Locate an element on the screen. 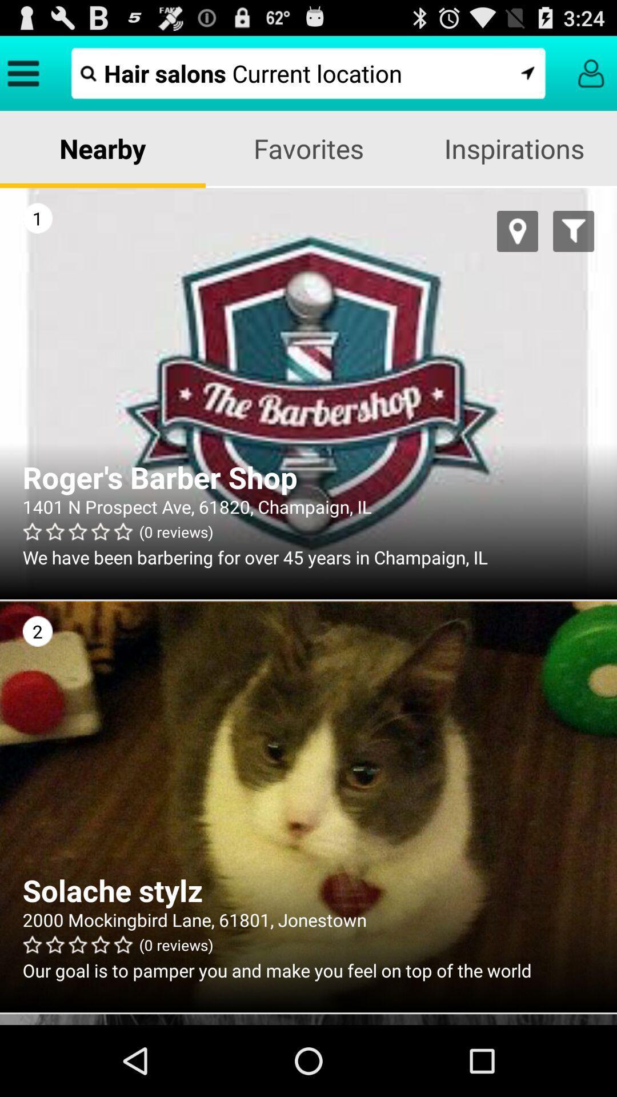 This screenshot has width=617, height=1097. the nearby item is located at coordinates (103, 147).